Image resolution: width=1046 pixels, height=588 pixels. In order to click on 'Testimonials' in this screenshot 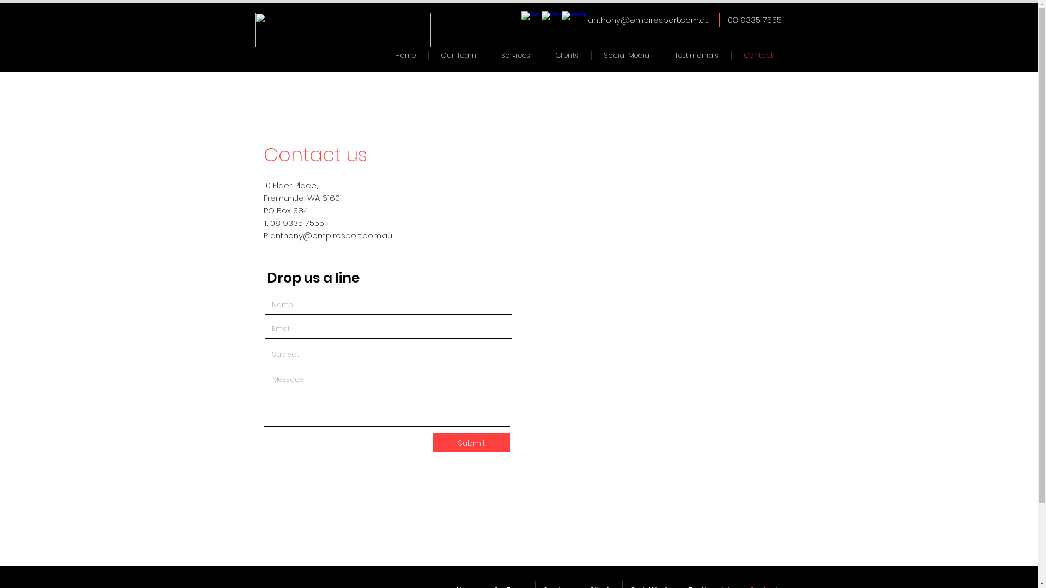, I will do `click(696, 55)`.